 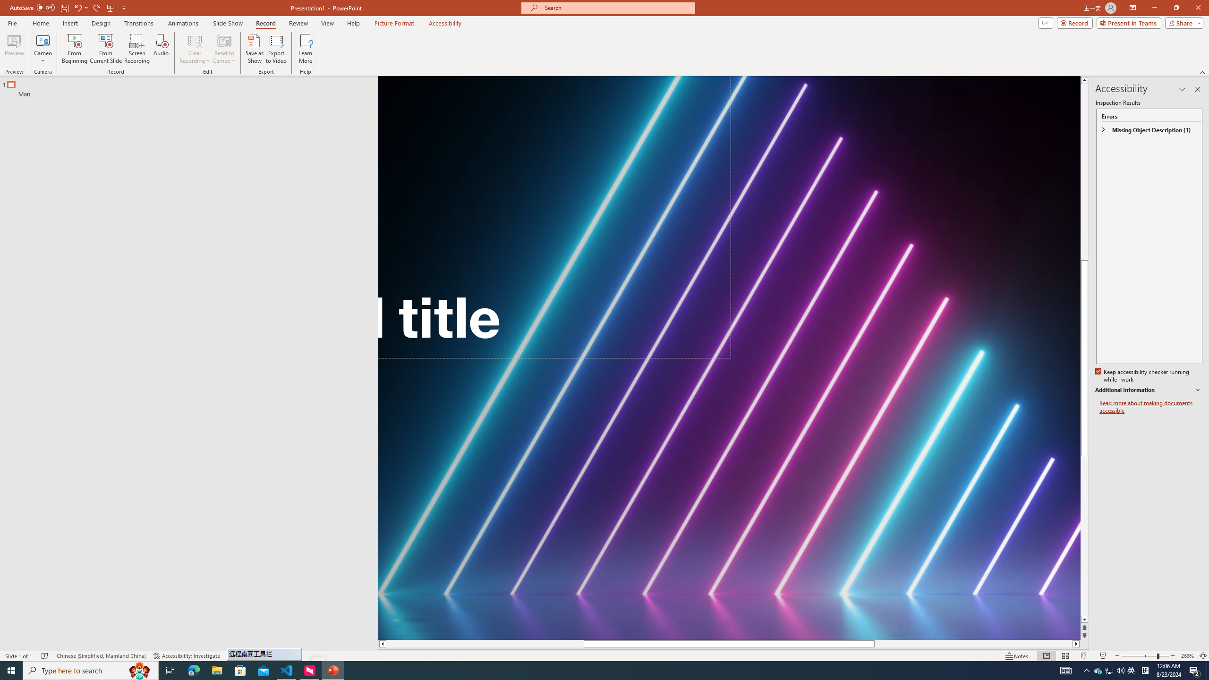 I want to click on 'Review', so click(x=298, y=23).